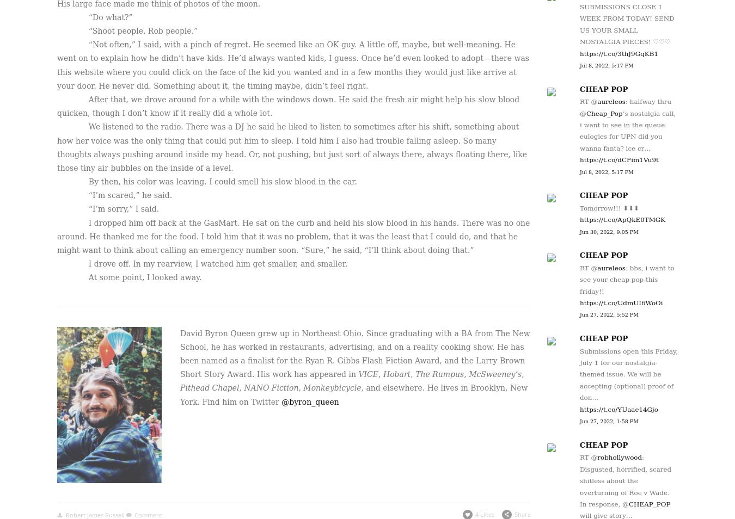  What do you see at coordinates (513, 514) in the screenshot?
I see `'Share'` at bounding box center [513, 514].